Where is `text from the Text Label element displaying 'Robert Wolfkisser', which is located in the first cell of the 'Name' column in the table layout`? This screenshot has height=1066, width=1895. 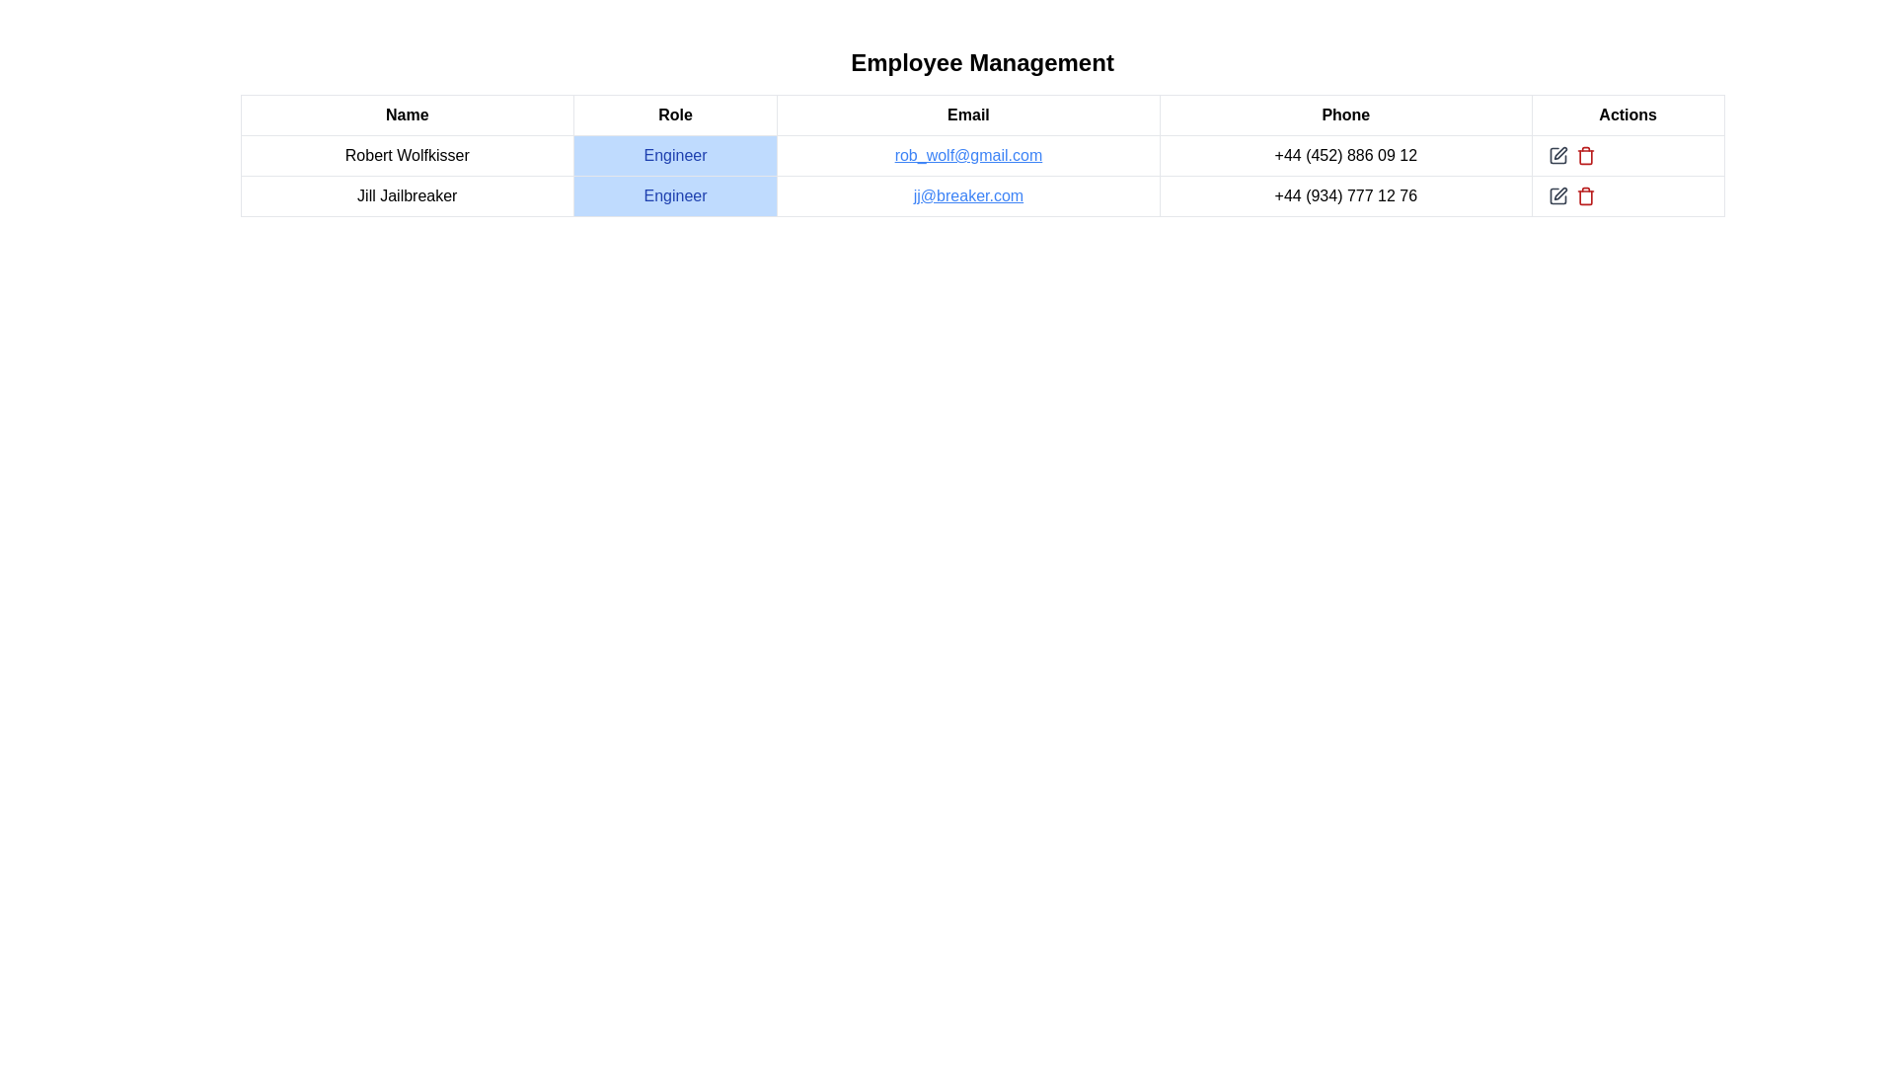 text from the Text Label element displaying 'Robert Wolfkisser', which is located in the first cell of the 'Name' column in the table layout is located at coordinates (406, 155).